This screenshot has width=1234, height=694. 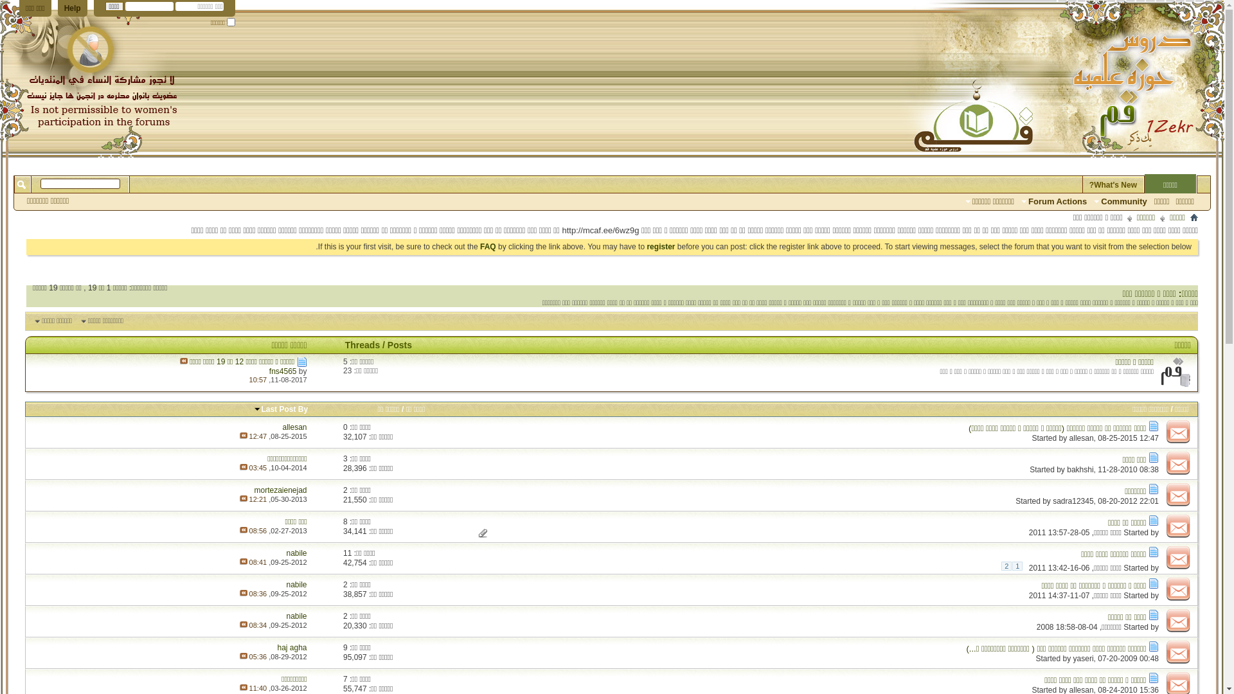 What do you see at coordinates (1001, 565) in the screenshot?
I see `'2'` at bounding box center [1001, 565].